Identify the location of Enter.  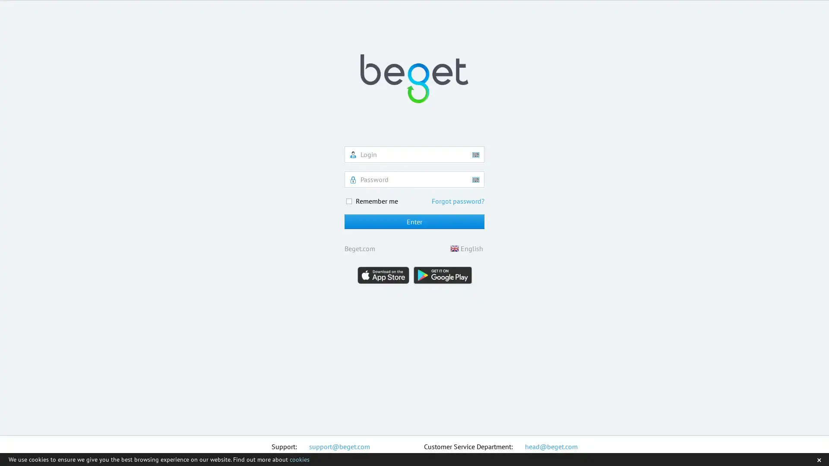
(414, 221).